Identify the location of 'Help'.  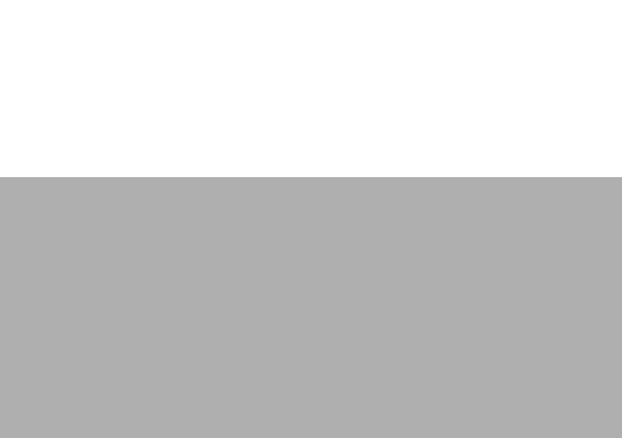
(126, 203).